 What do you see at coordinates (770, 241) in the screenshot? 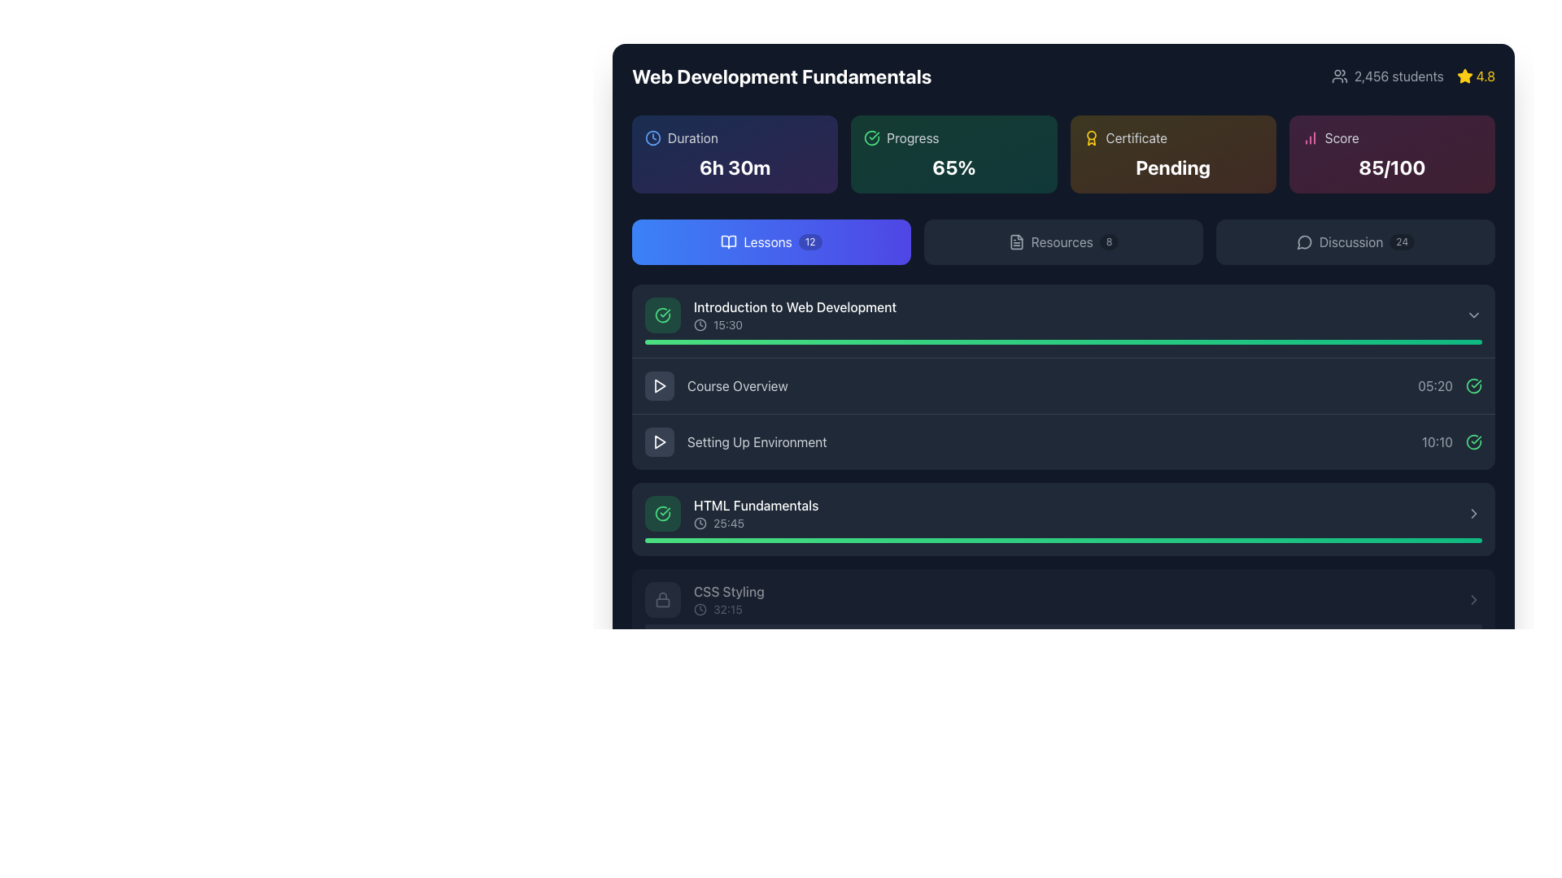
I see `the 'Lessons' interactive button, which is the first button in a row with a blue to indigo gradient background and features the text 'Lessons' and an open book icon` at bounding box center [770, 241].